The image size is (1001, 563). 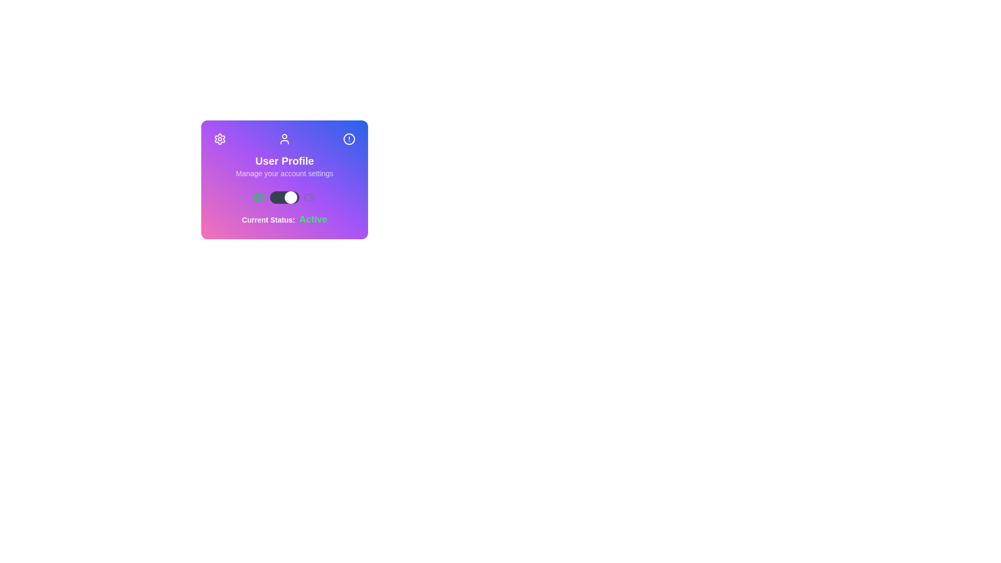 What do you see at coordinates (285, 138) in the screenshot?
I see `the user icon, which is a circular head and semicircular body outline in white, set against a purple background, positioned in the center of a row between a gear icon and an alert sign icon` at bounding box center [285, 138].